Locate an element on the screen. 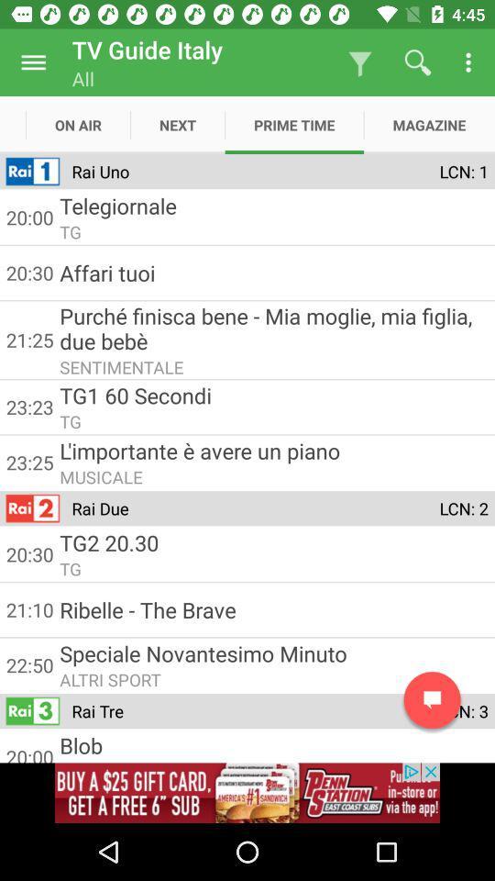  penn station link is located at coordinates (247, 792).